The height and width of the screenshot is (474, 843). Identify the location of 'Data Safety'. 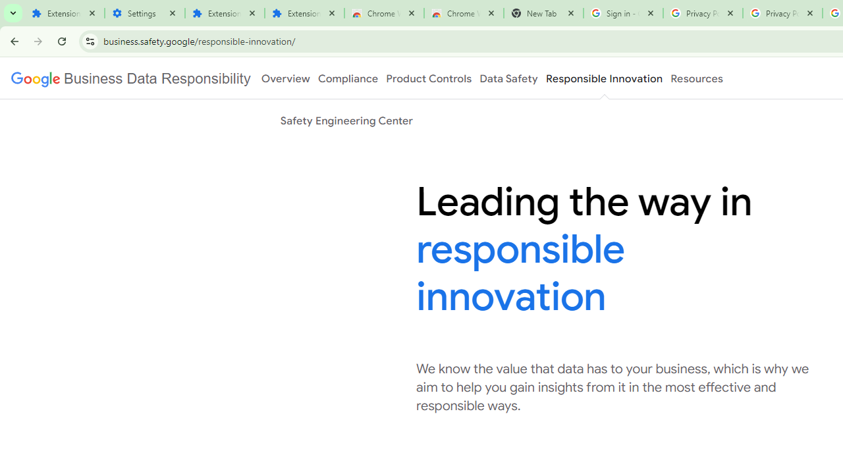
(508, 78).